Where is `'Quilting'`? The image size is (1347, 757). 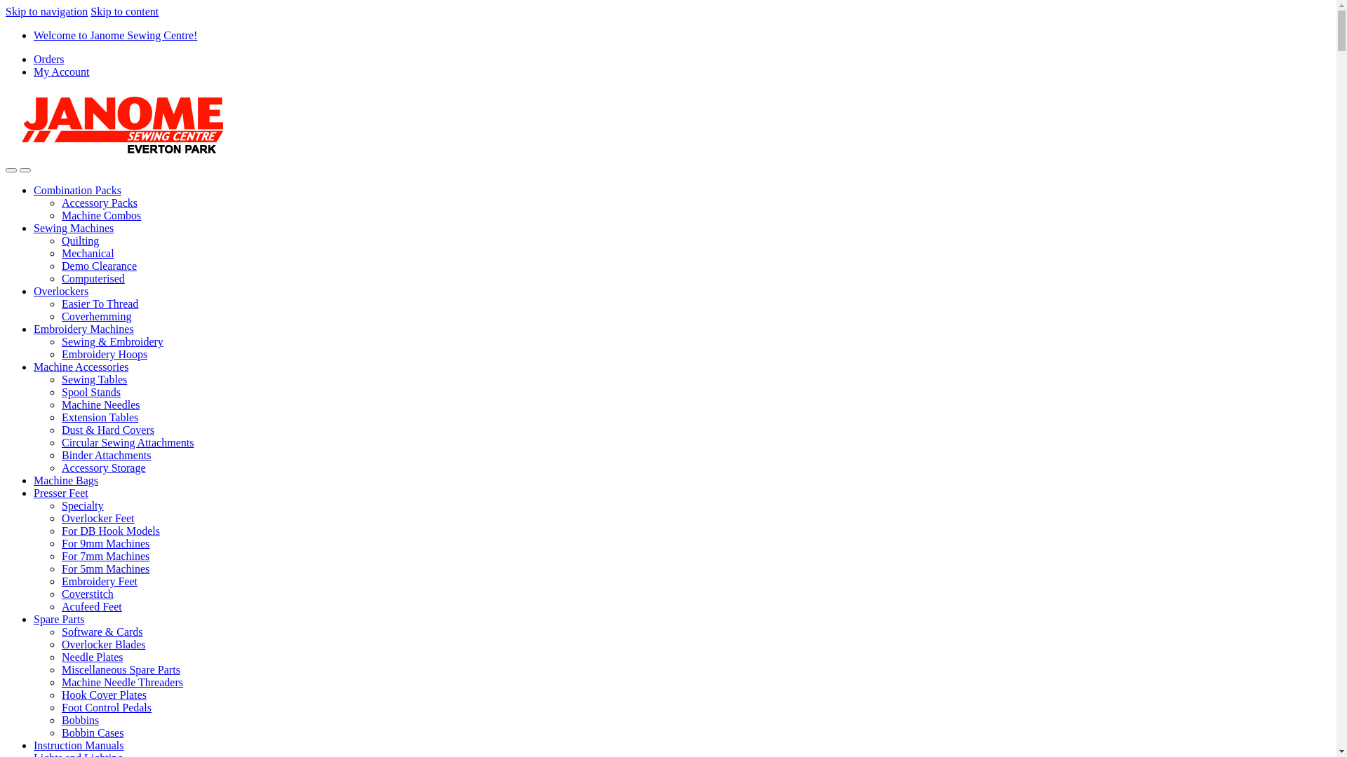
'Quilting' is located at coordinates (60, 240).